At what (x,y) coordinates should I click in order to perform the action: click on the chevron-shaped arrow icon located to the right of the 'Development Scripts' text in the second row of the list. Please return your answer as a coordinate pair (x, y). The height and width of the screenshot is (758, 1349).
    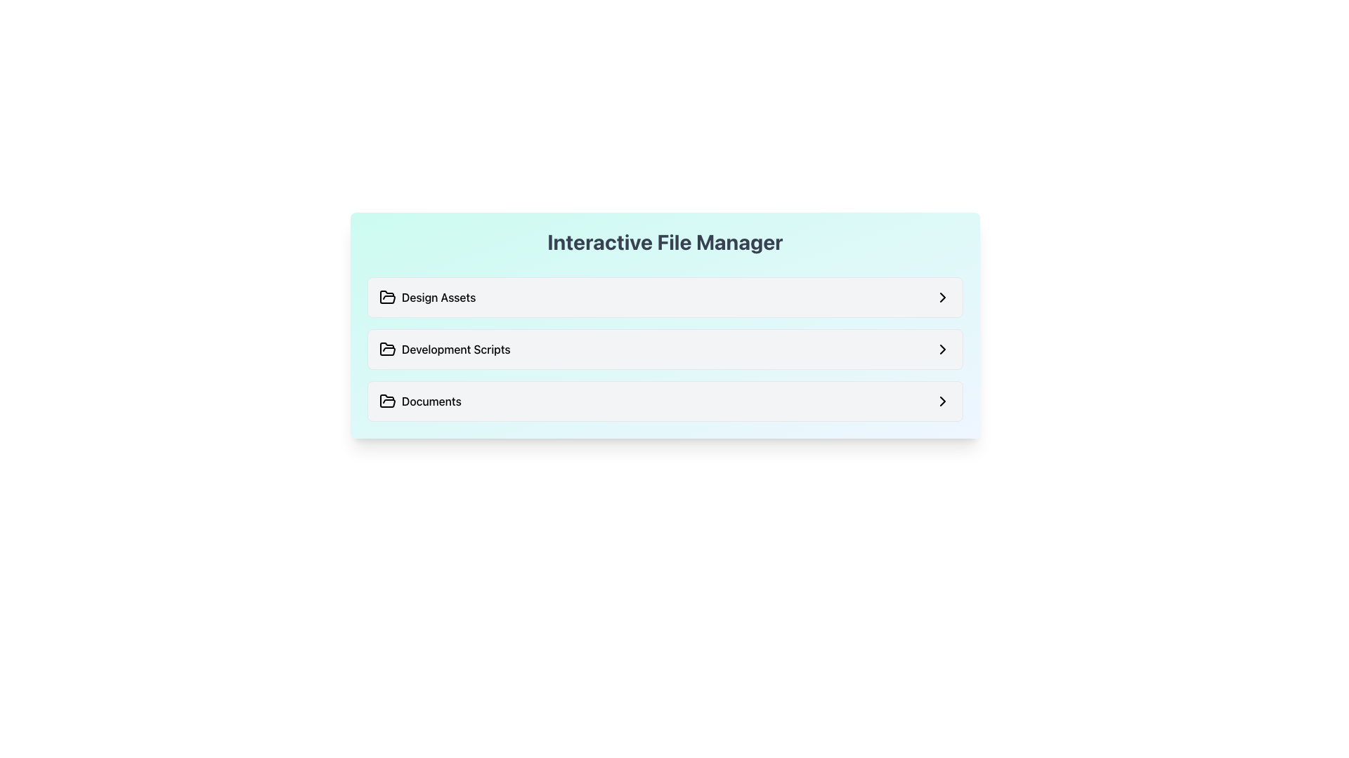
    Looking at the image, I should click on (943, 297).